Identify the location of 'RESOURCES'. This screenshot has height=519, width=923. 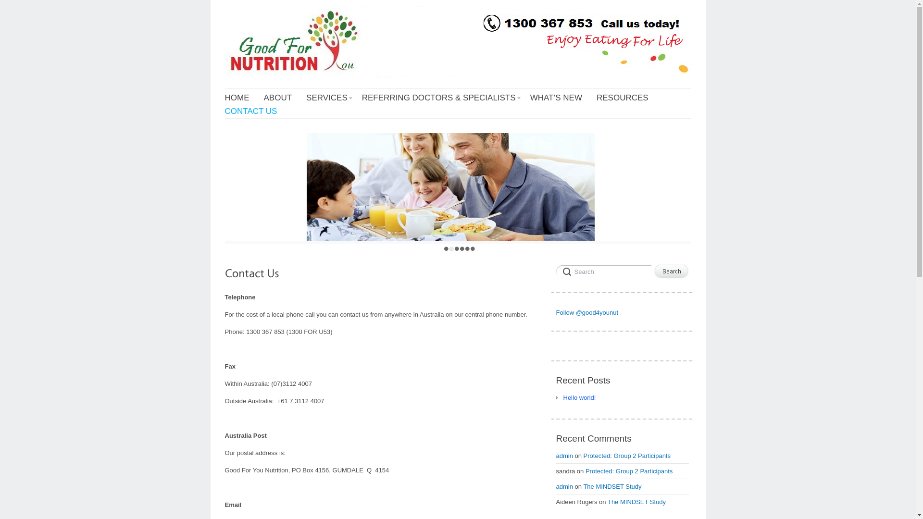
(596, 98).